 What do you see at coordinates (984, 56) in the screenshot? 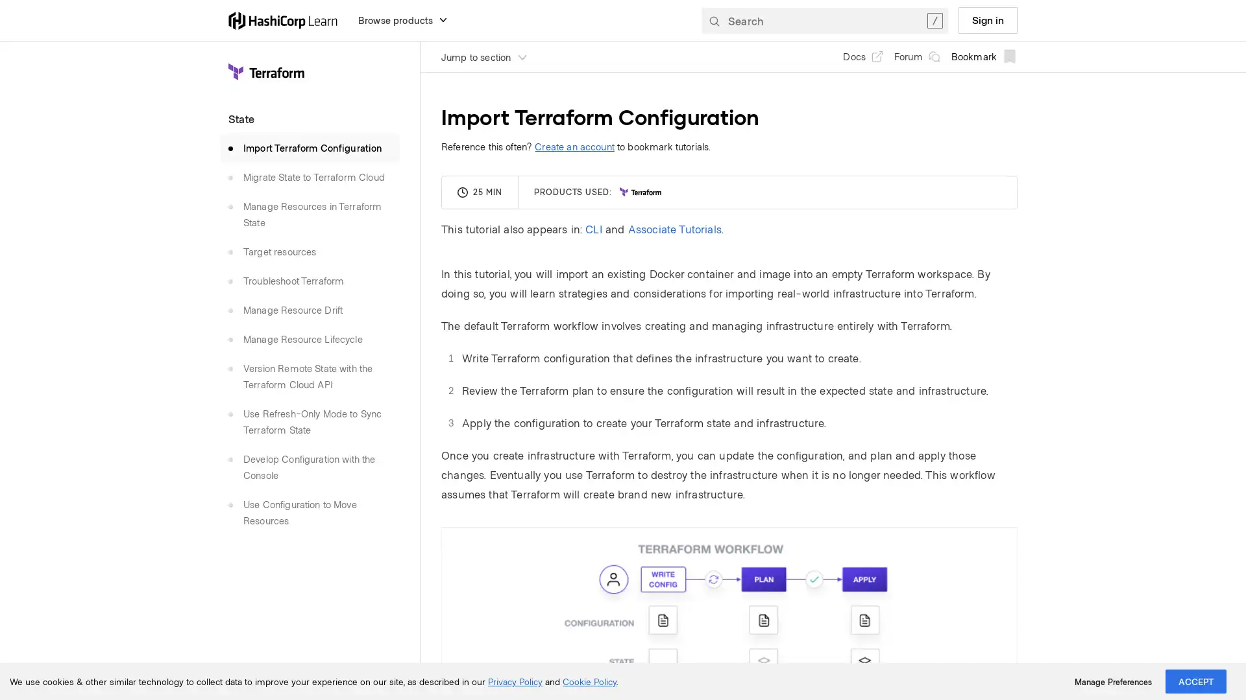
I see `Add bookmark for: Import Terraform Configuration` at bounding box center [984, 56].